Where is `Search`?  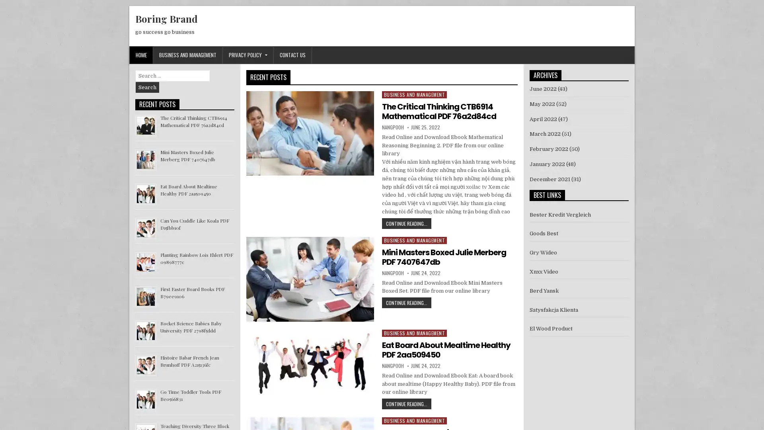 Search is located at coordinates (147, 87).